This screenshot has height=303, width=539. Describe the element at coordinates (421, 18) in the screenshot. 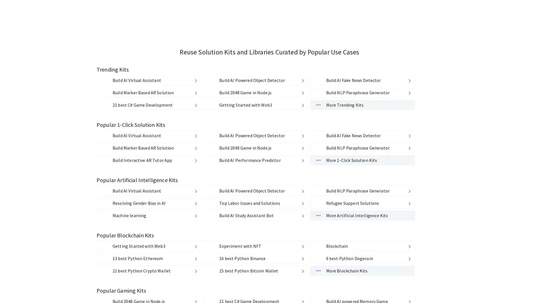

I see `Explore Kits` at that location.